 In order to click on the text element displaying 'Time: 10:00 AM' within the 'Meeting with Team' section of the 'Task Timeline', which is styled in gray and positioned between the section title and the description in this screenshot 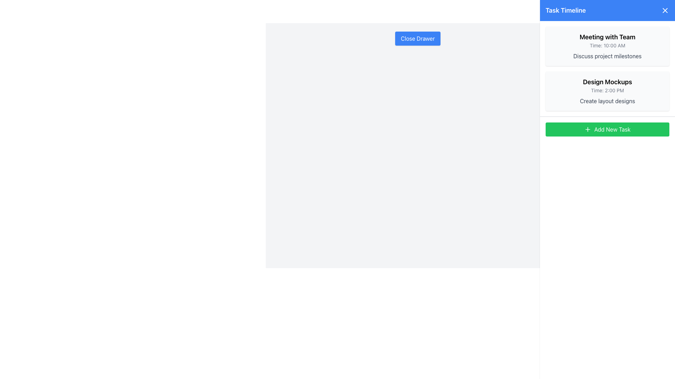, I will do `click(607, 46)`.